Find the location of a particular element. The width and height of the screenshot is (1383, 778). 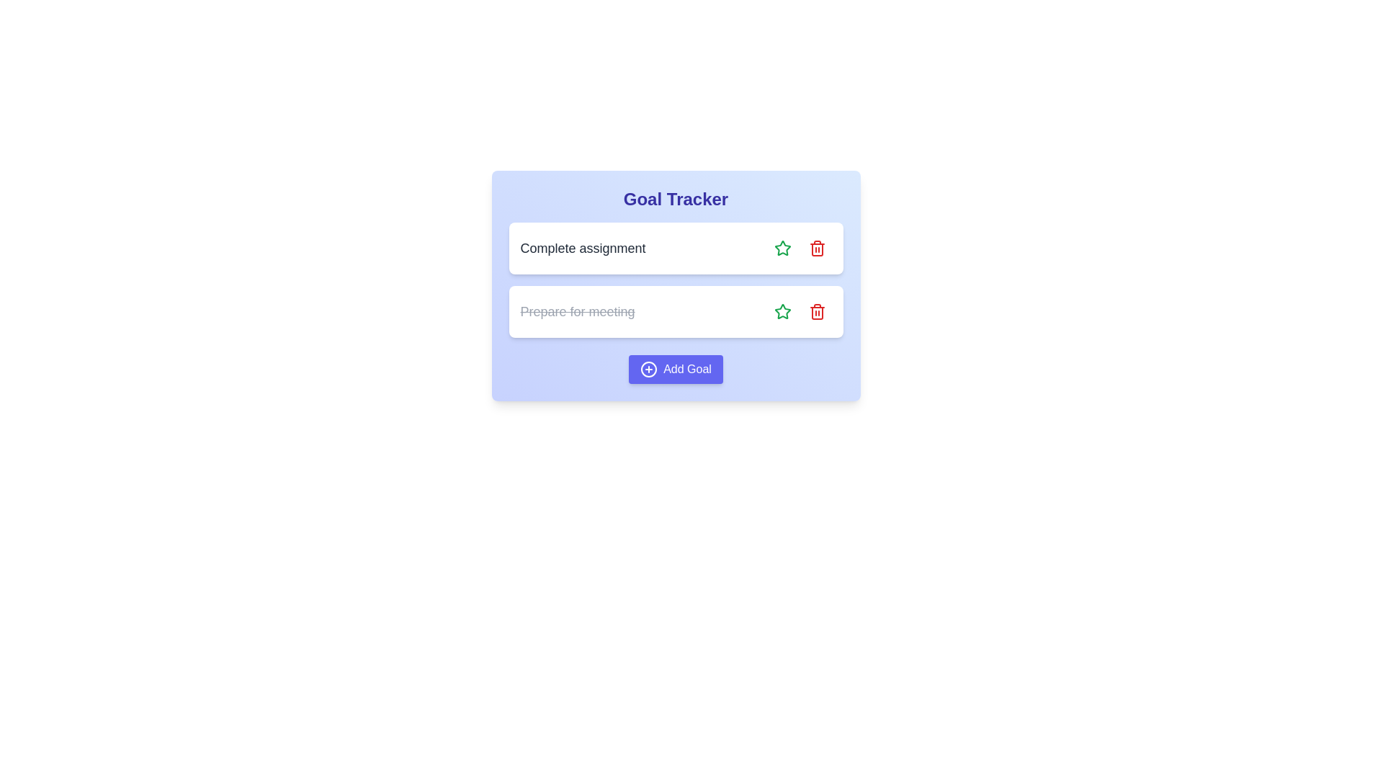

the green star icon button located adjacent to the task labeled 'Complete assignment' to mark or unmark the task as favorite is located at coordinates (782, 247).